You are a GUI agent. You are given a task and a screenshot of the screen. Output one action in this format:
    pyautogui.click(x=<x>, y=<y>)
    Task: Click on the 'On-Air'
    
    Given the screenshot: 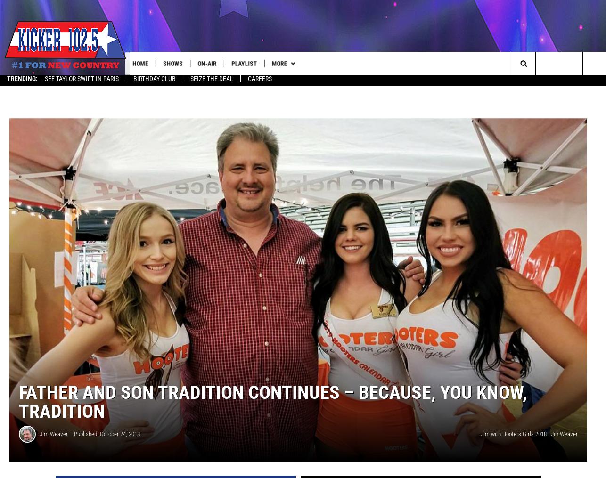 What is the action you would take?
    pyautogui.click(x=205, y=63)
    